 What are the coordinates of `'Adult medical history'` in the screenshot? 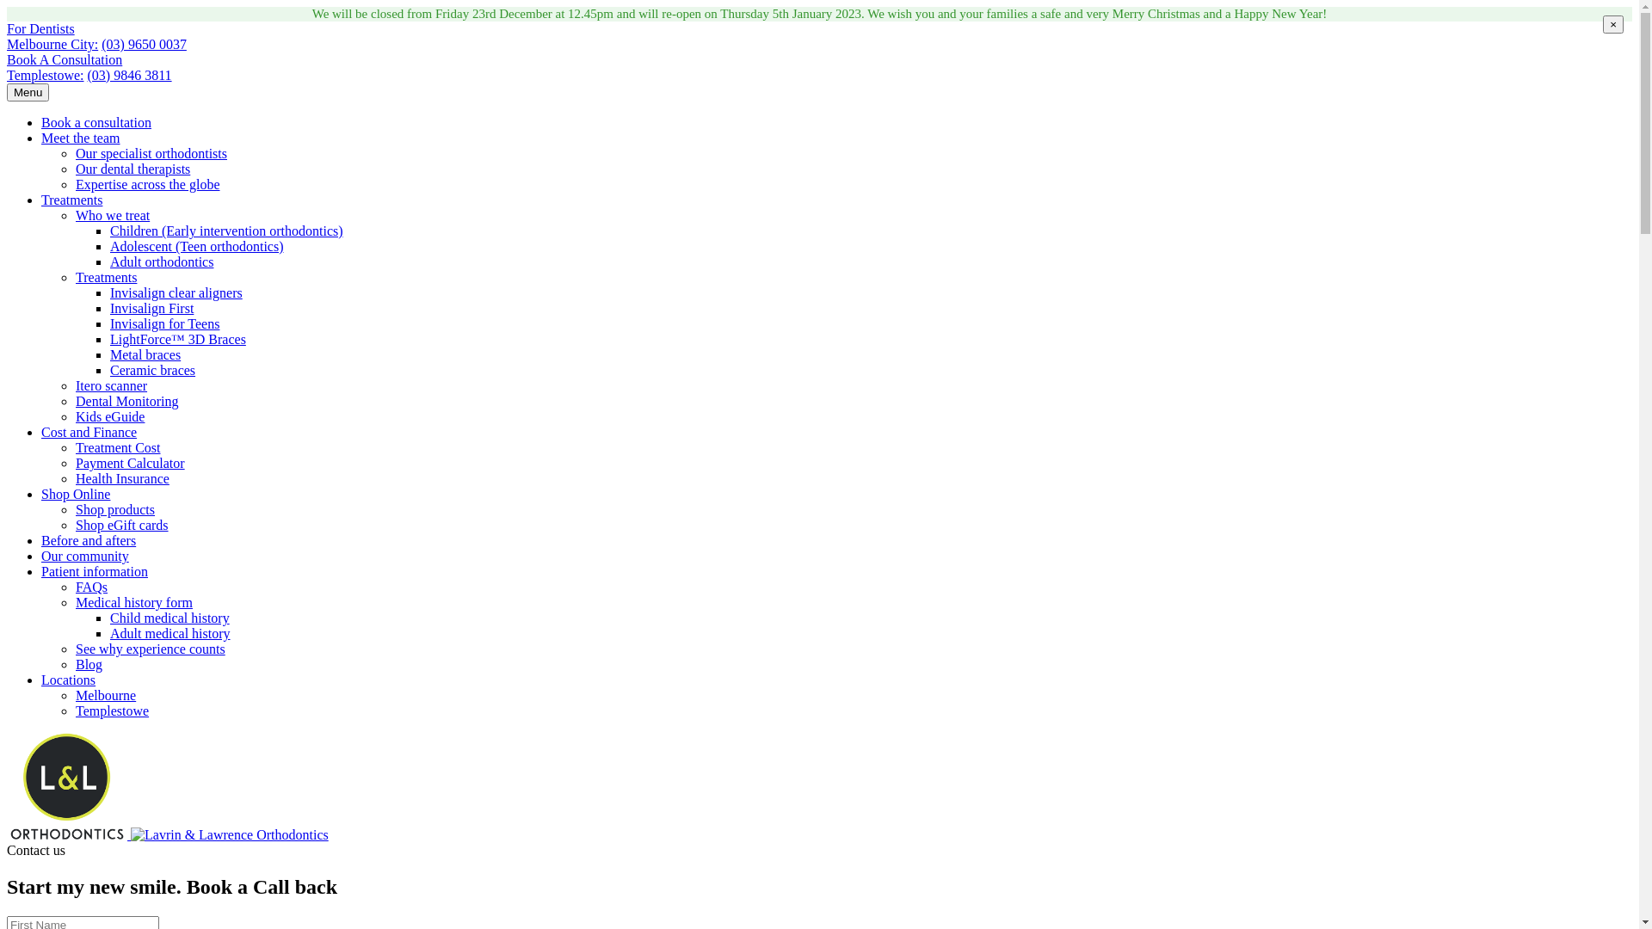 It's located at (170, 633).